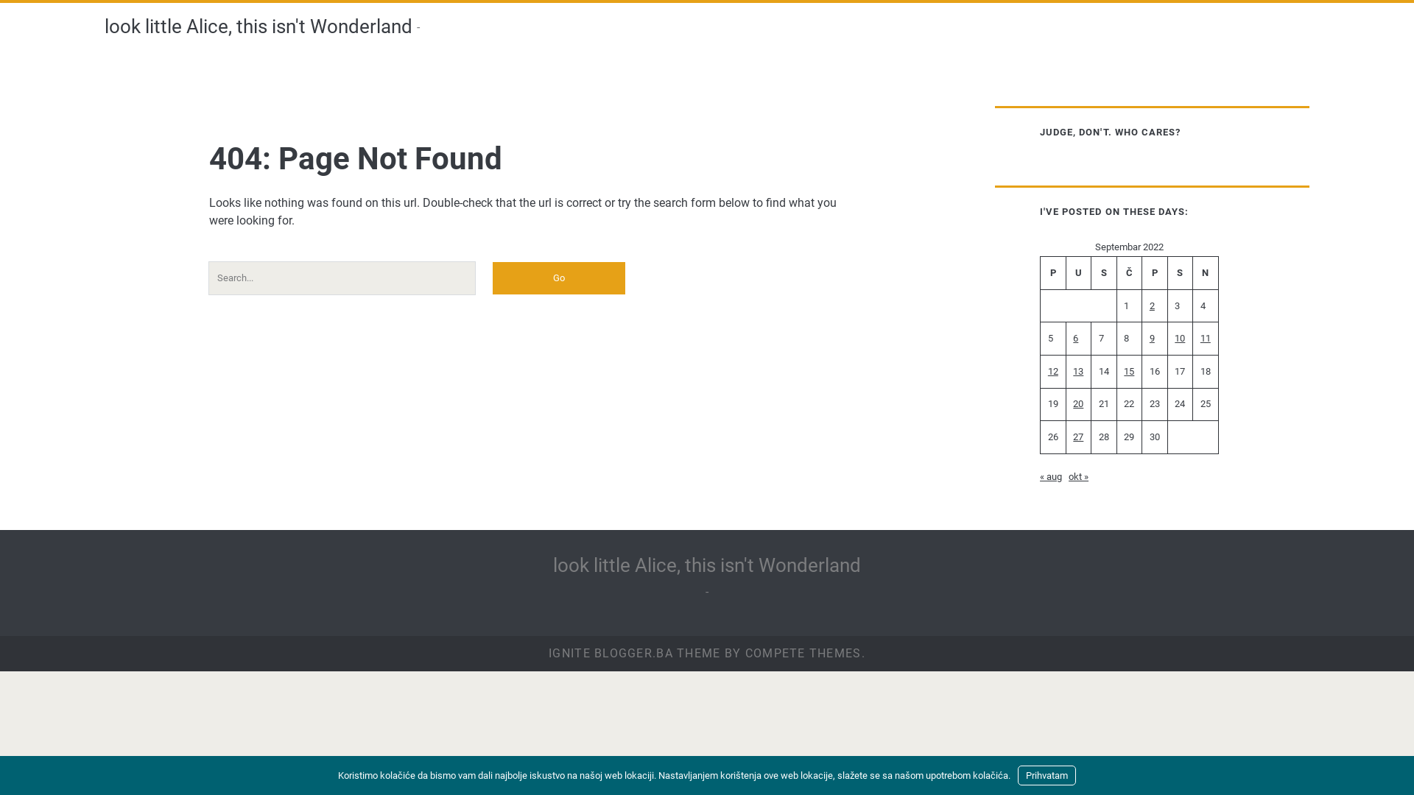 The image size is (1414, 795). Describe the element at coordinates (1046, 774) in the screenshot. I see `'Prihvatam'` at that location.